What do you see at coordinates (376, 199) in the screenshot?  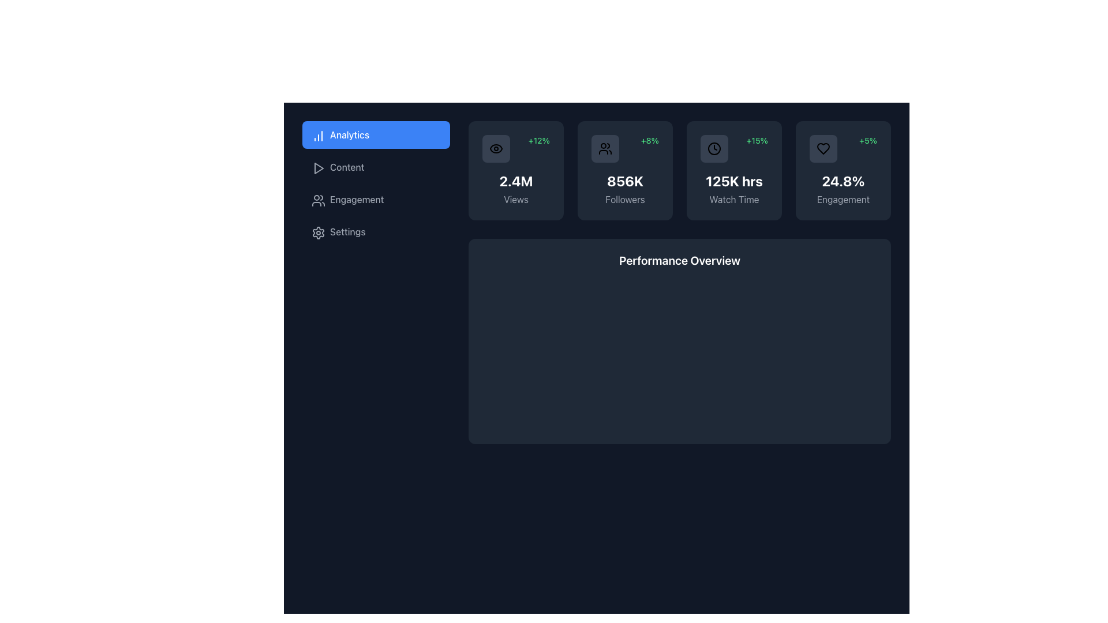 I see `the 'Engagement' navigation menu item, which is the third item in the vertical navigation menu styled with light gray text and an icon, located in the sidebar on the left side of the interface` at bounding box center [376, 199].